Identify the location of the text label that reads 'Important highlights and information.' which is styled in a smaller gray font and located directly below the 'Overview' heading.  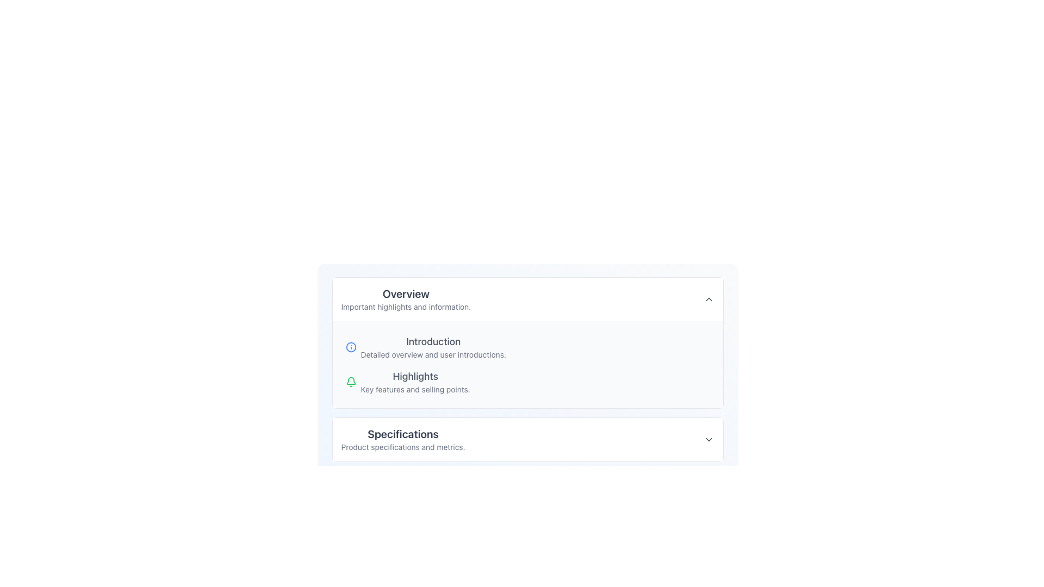
(405, 307).